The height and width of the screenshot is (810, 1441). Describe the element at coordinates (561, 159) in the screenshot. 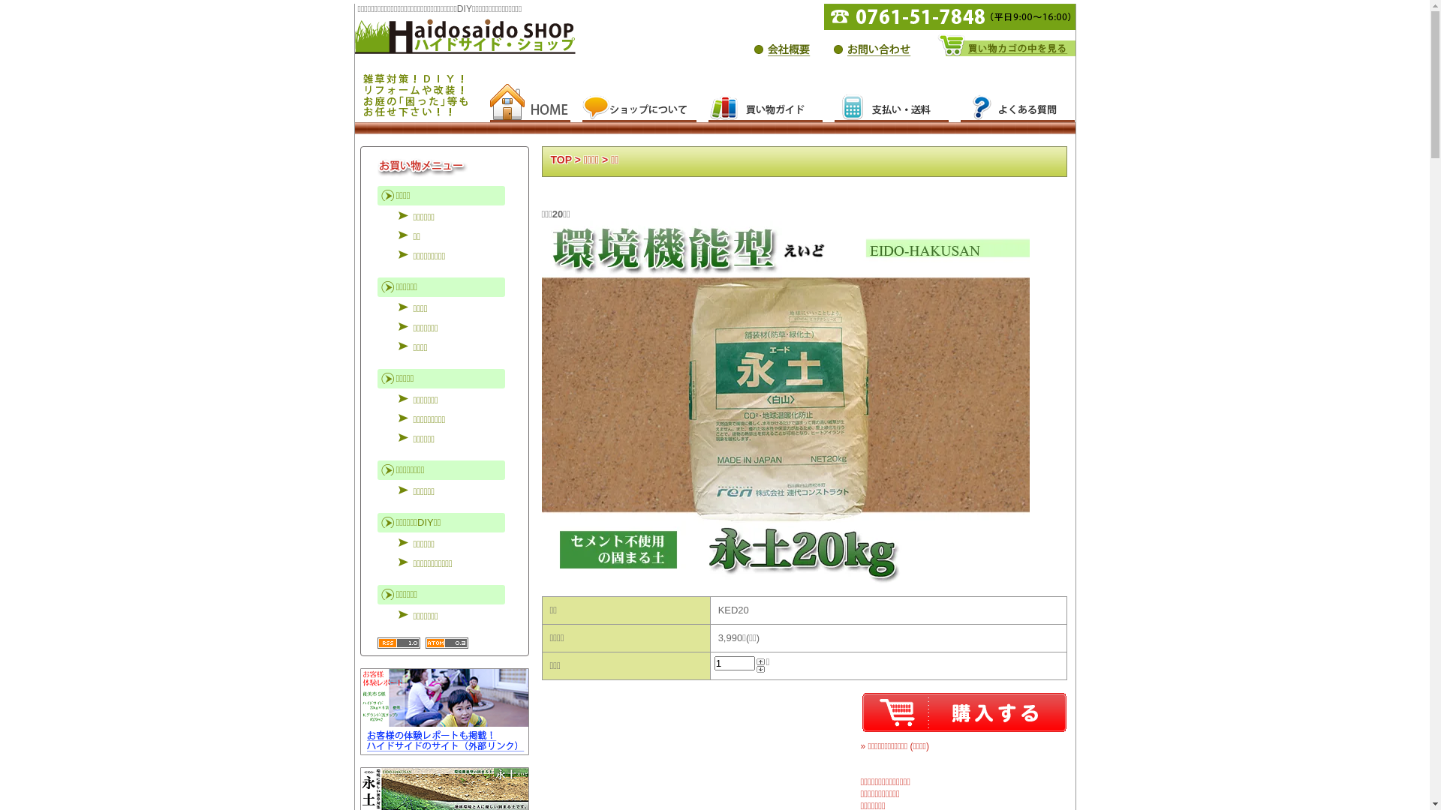

I see `'TOP'` at that location.